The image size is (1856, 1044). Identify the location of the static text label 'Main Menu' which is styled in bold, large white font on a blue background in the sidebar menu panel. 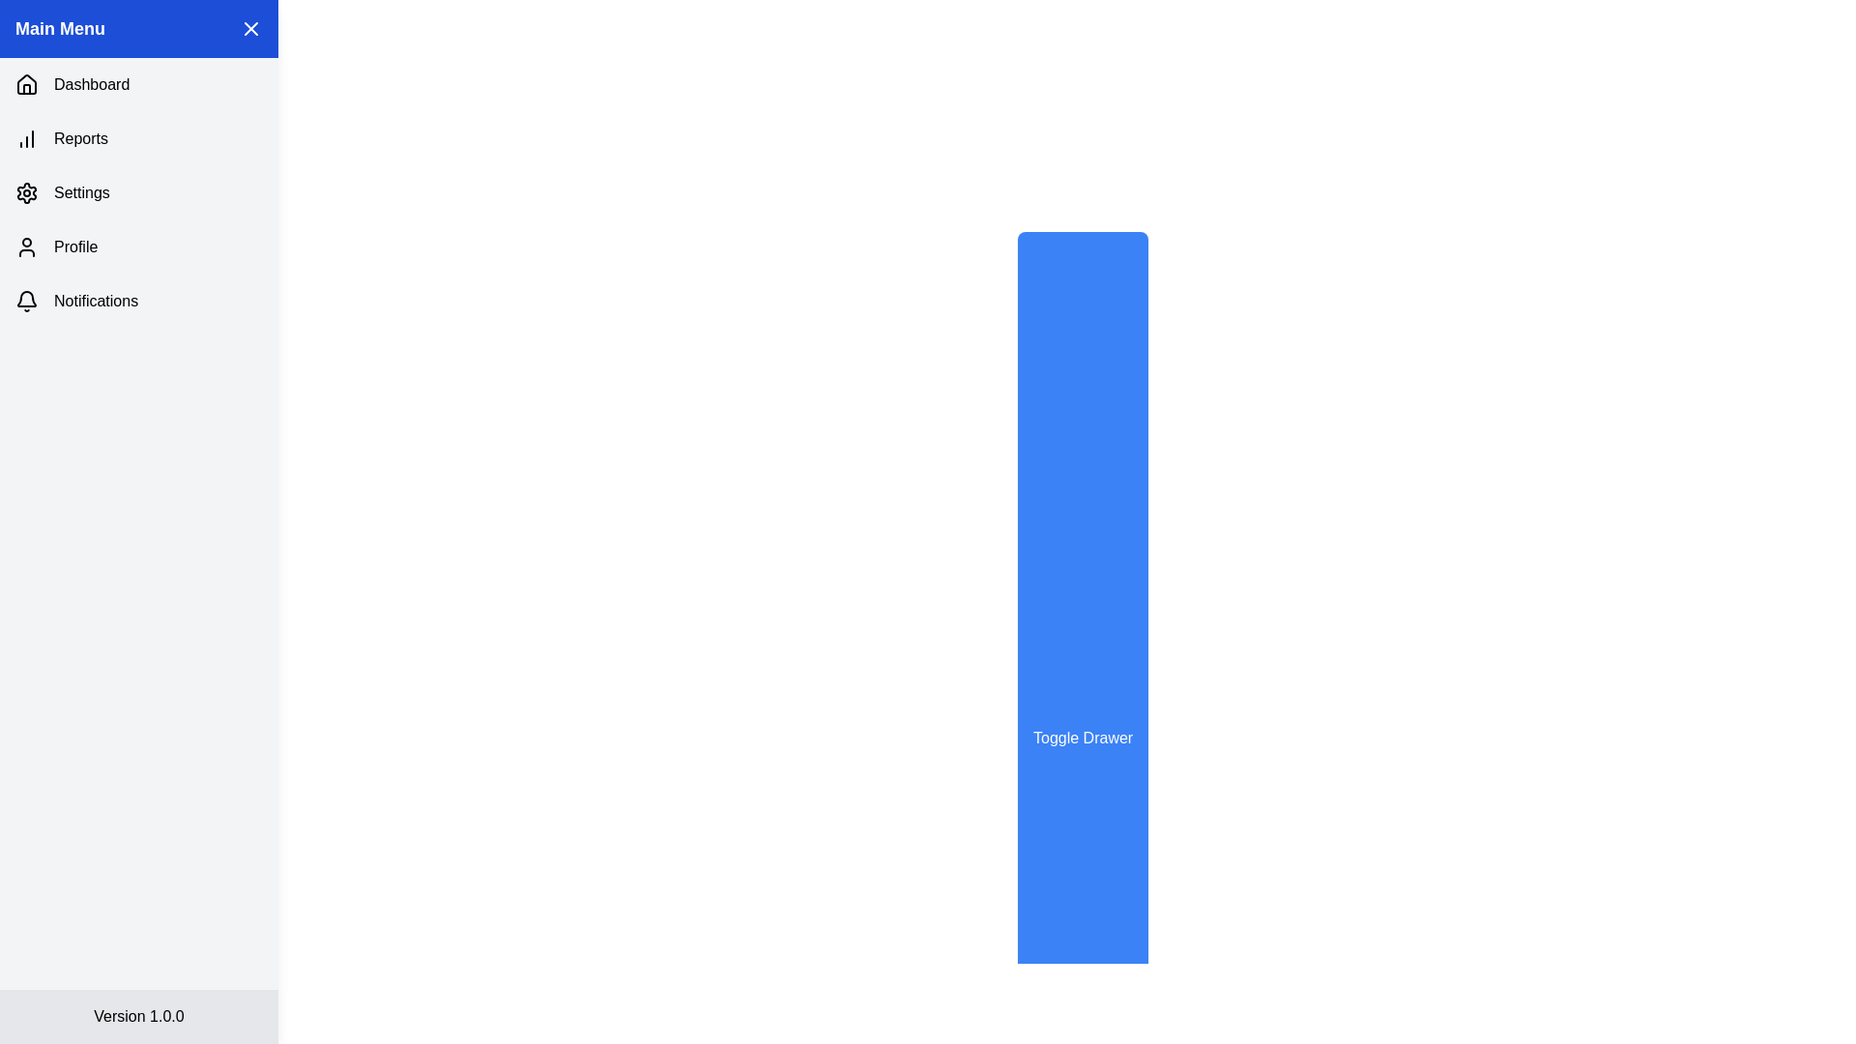
(60, 29).